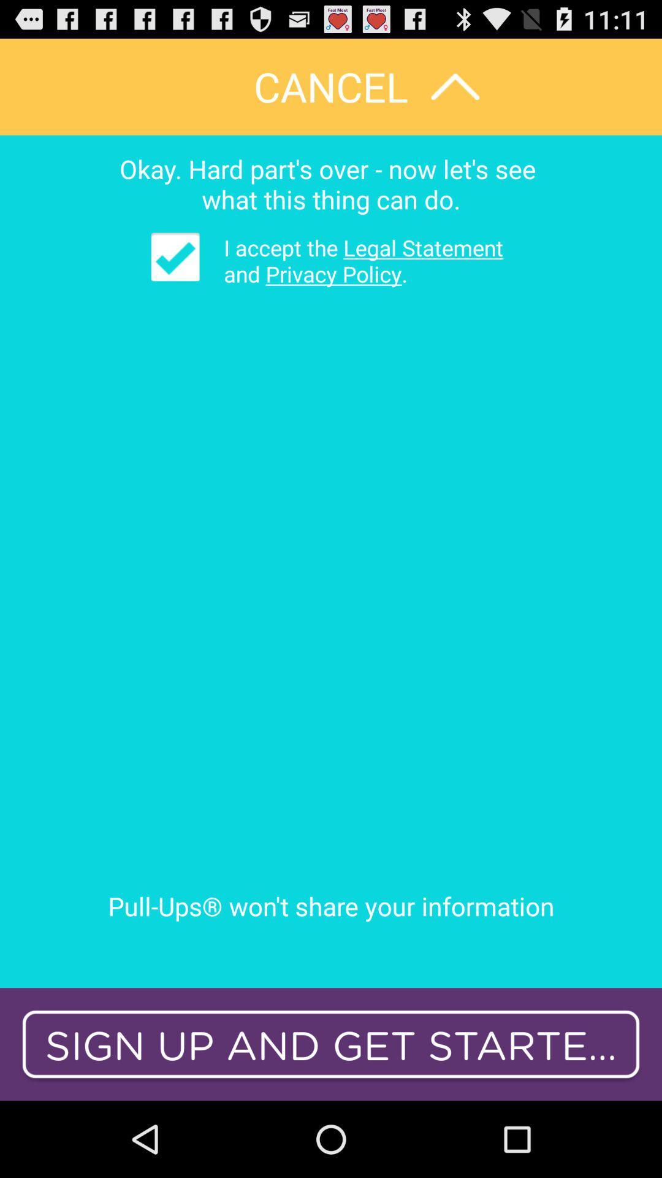  I want to click on app above okay hard part icon, so click(331, 86).